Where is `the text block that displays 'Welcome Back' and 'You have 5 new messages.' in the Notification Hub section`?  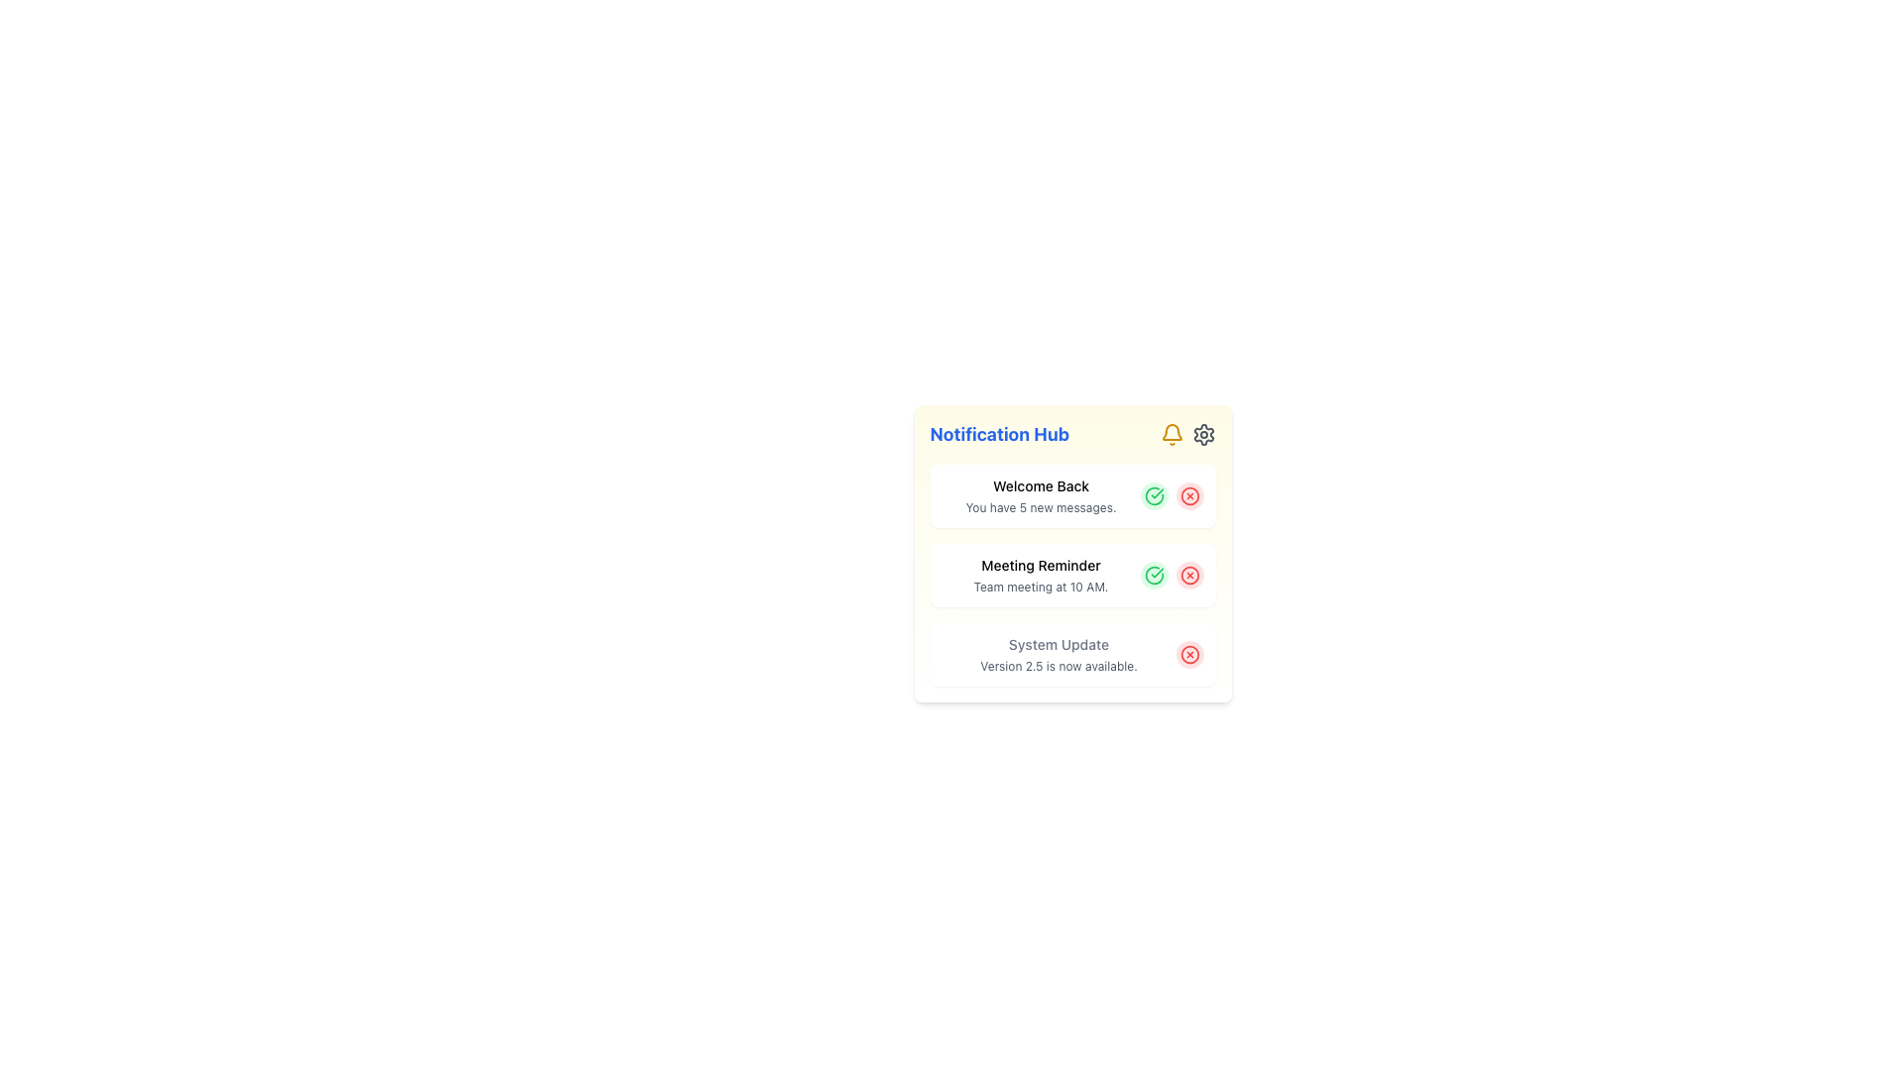 the text block that displays 'Welcome Back' and 'You have 5 new messages.' in the Notification Hub section is located at coordinates (1040, 495).